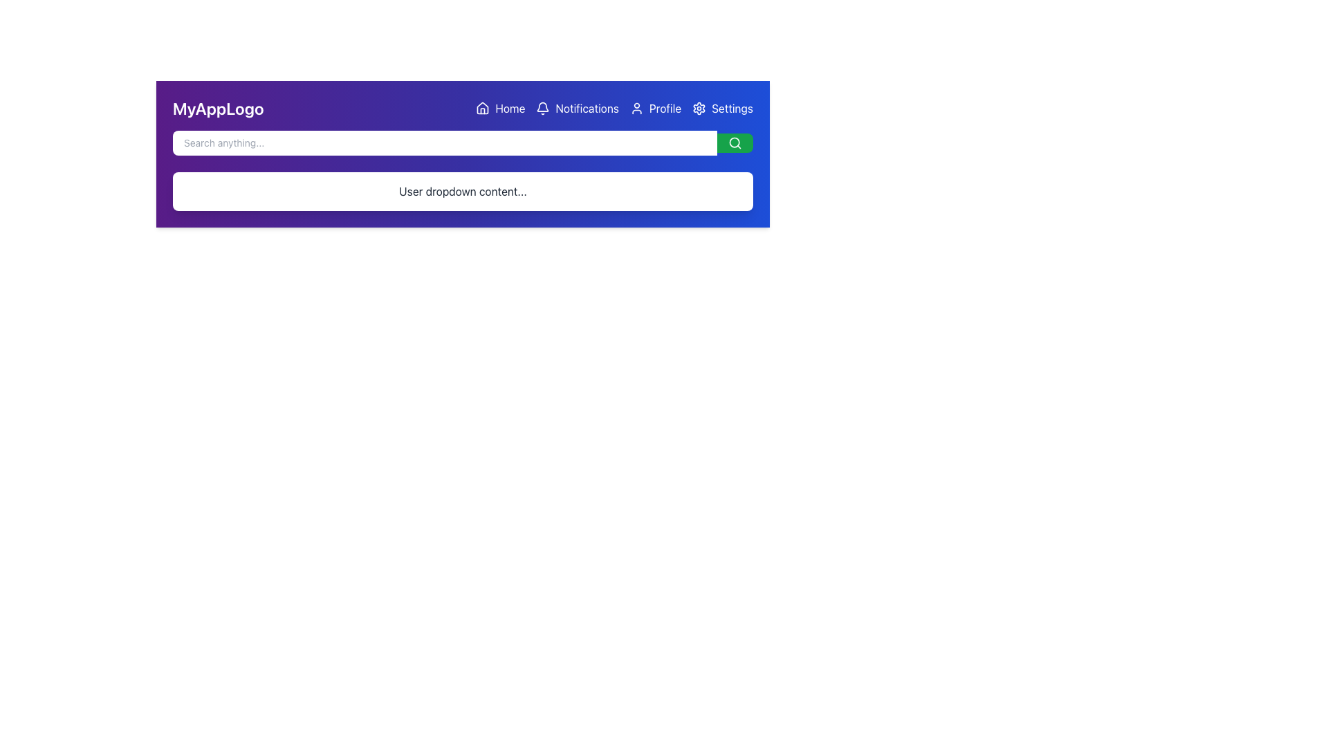 The height and width of the screenshot is (747, 1328). I want to click on the settings icon located in the top navigation bar to the far right, adjacent to the text label 'Settings', to interact with application settings, so click(699, 108).